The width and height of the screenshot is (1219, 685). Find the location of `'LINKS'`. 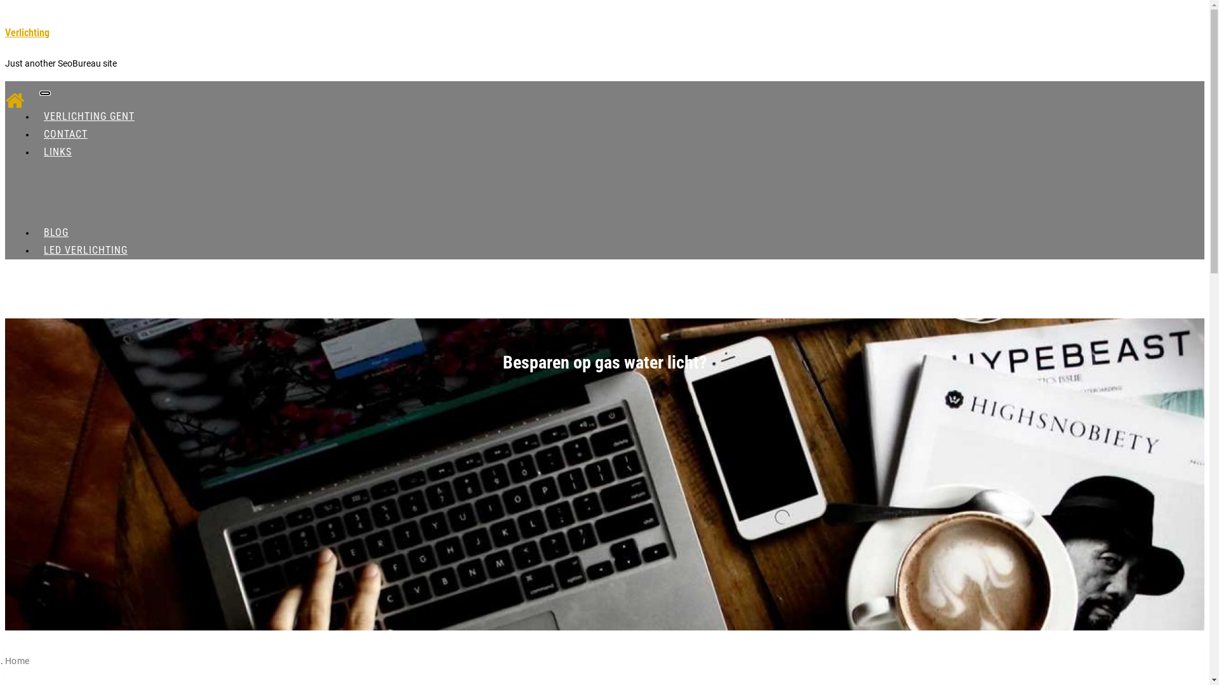

'LINKS' is located at coordinates (36, 151).